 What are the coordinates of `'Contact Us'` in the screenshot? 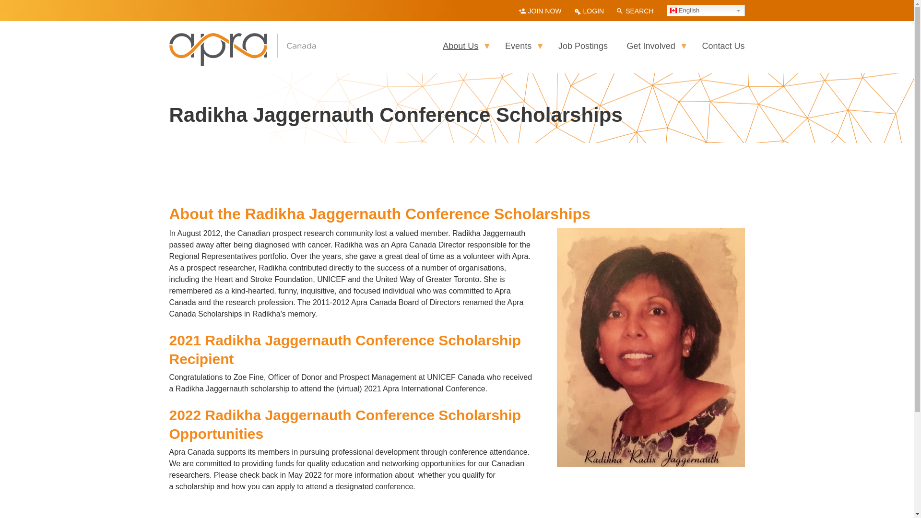 It's located at (719, 46).